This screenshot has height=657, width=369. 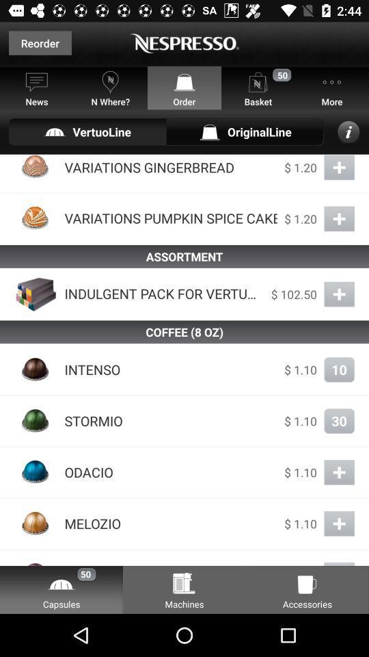 I want to click on the icon which is on the left side of stormio, so click(x=36, y=420).